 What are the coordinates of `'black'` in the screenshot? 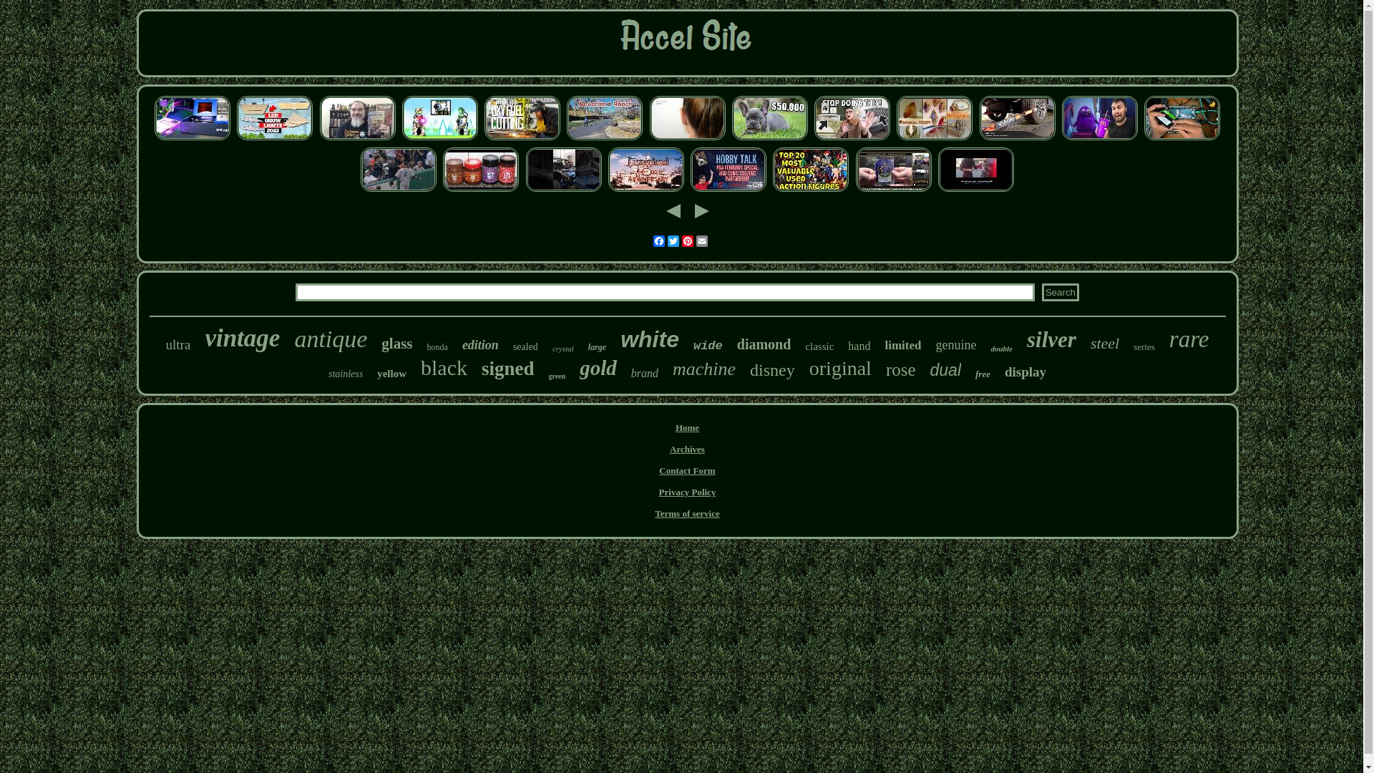 It's located at (420, 366).